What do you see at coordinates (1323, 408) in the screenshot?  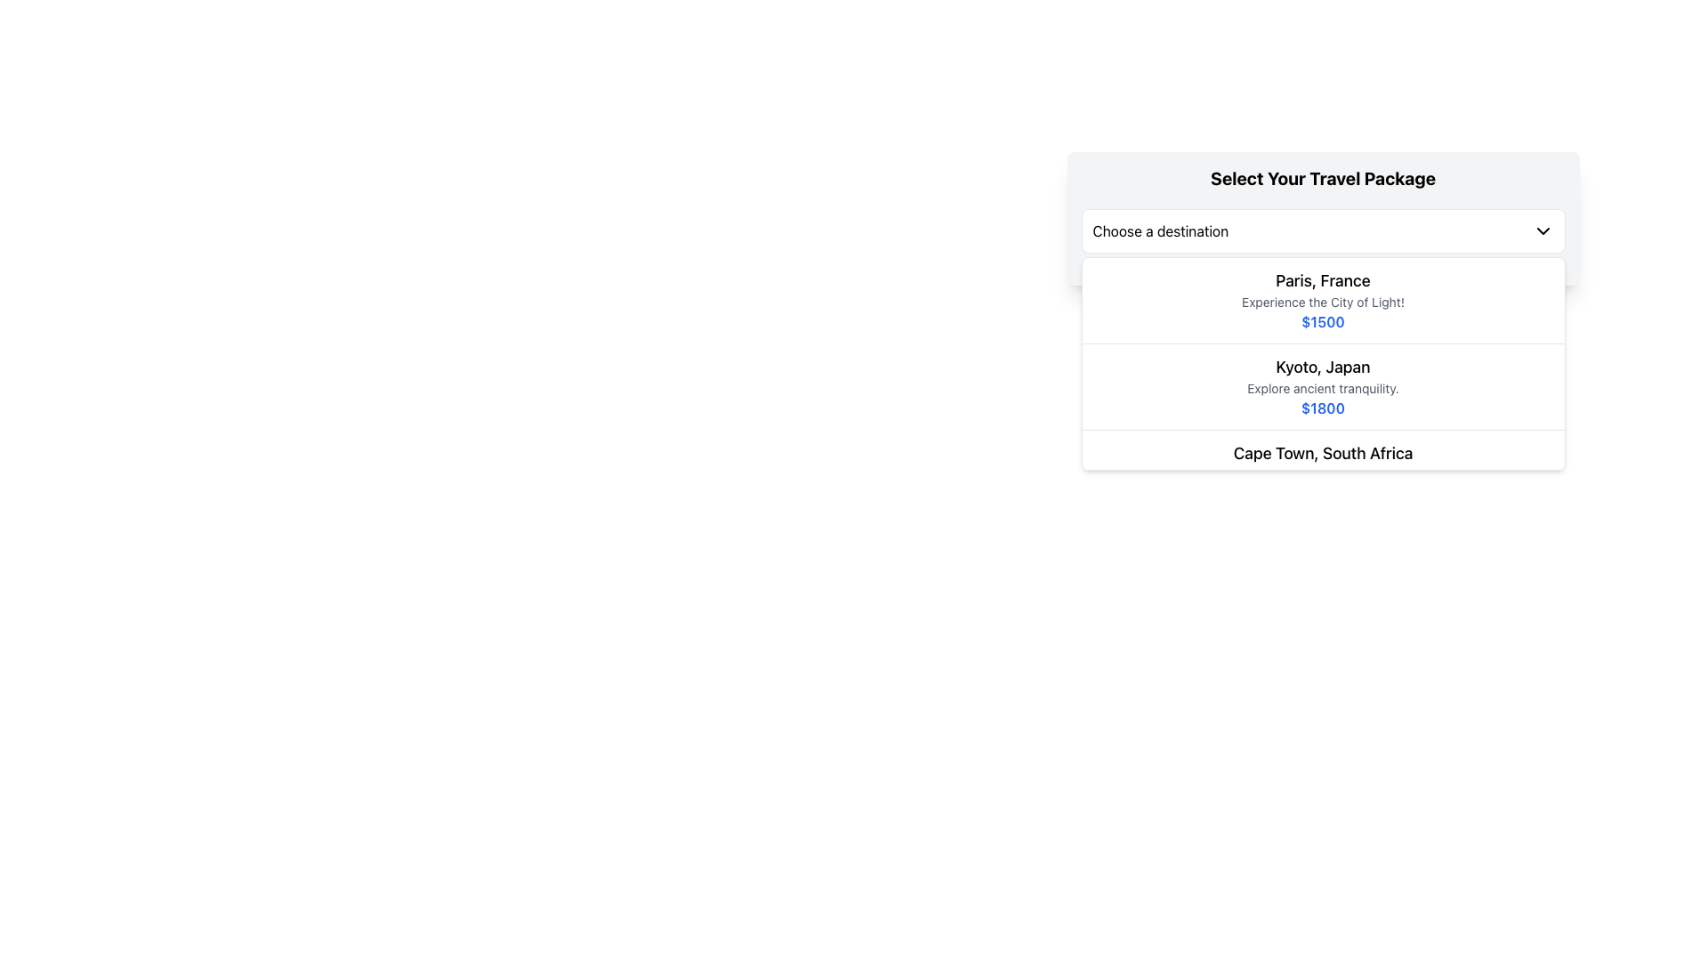 I see `the text label displaying the value '$1800', which is styled in blue color and bold font, positioned below 'Explore ancient tranquility.' in the 'Kyoto, Japan' section of the travel selection interface` at bounding box center [1323, 408].